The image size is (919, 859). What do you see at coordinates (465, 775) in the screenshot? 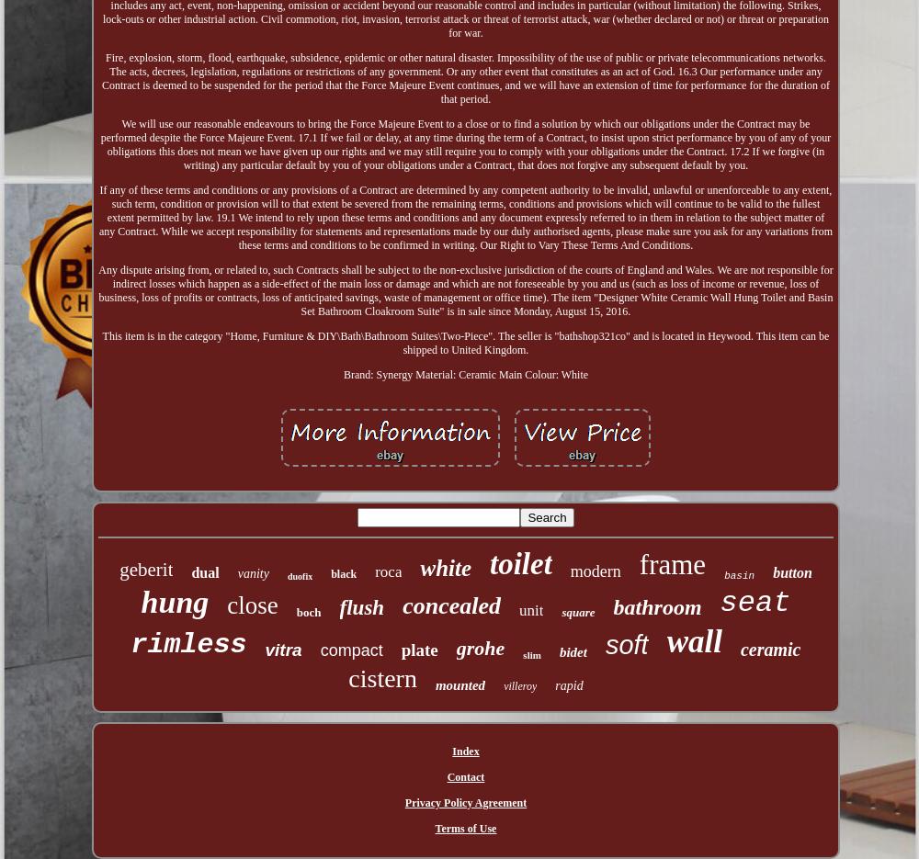
I see `'Contact'` at bounding box center [465, 775].